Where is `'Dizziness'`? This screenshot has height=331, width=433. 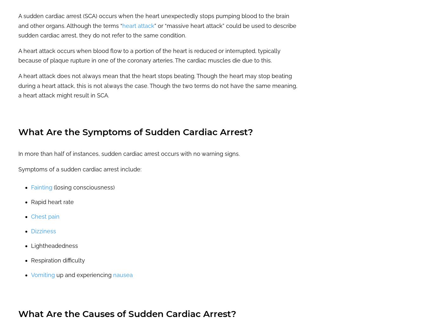 'Dizziness' is located at coordinates (43, 231).